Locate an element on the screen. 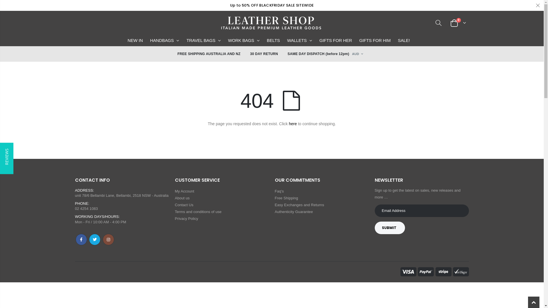  'WALLETS' is located at coordinates (302, 38).